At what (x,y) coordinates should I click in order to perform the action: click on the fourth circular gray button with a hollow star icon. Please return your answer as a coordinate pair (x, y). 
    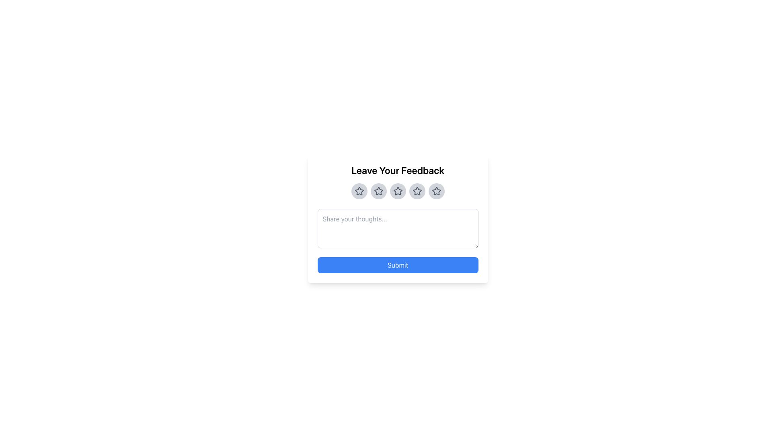
    Looking at the image, I should click on (417, 191).